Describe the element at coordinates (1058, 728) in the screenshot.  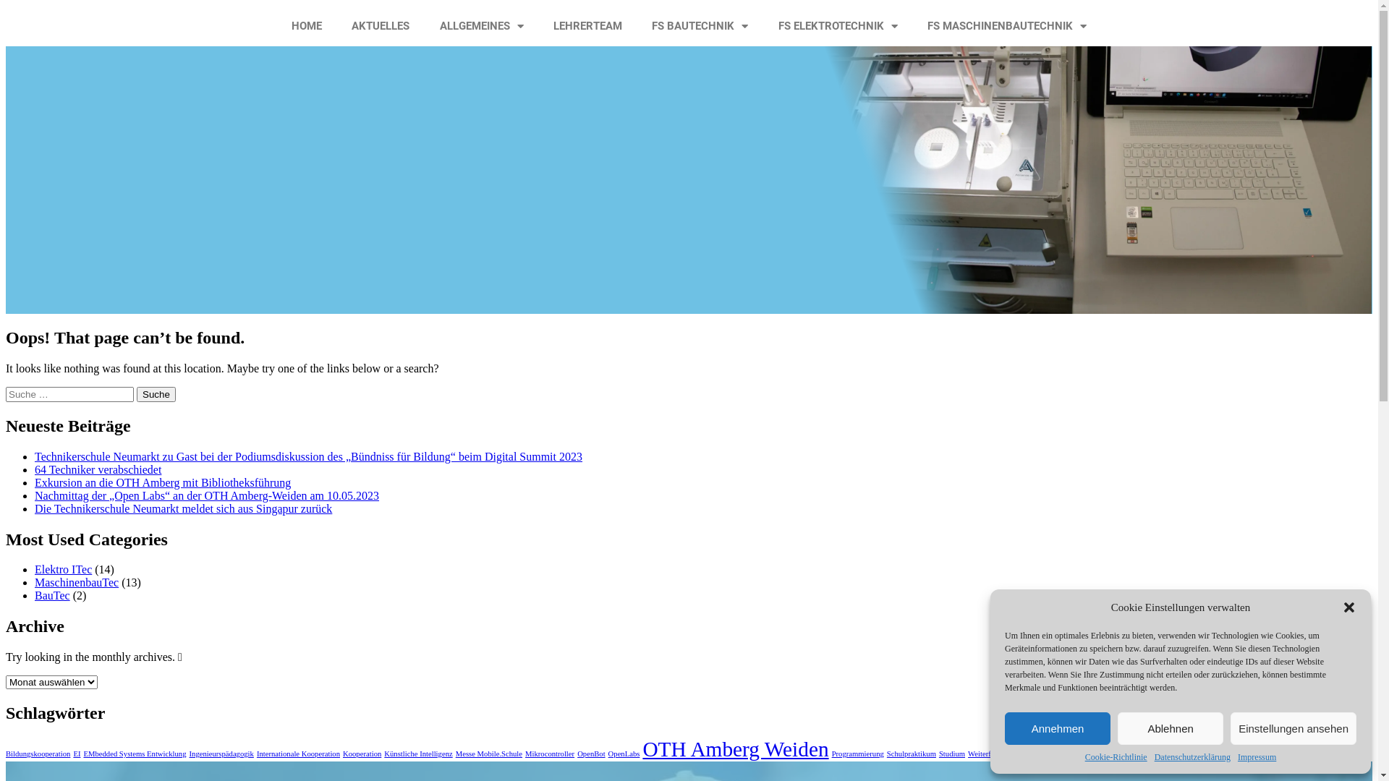
I see `'Annehmen'` at that location.